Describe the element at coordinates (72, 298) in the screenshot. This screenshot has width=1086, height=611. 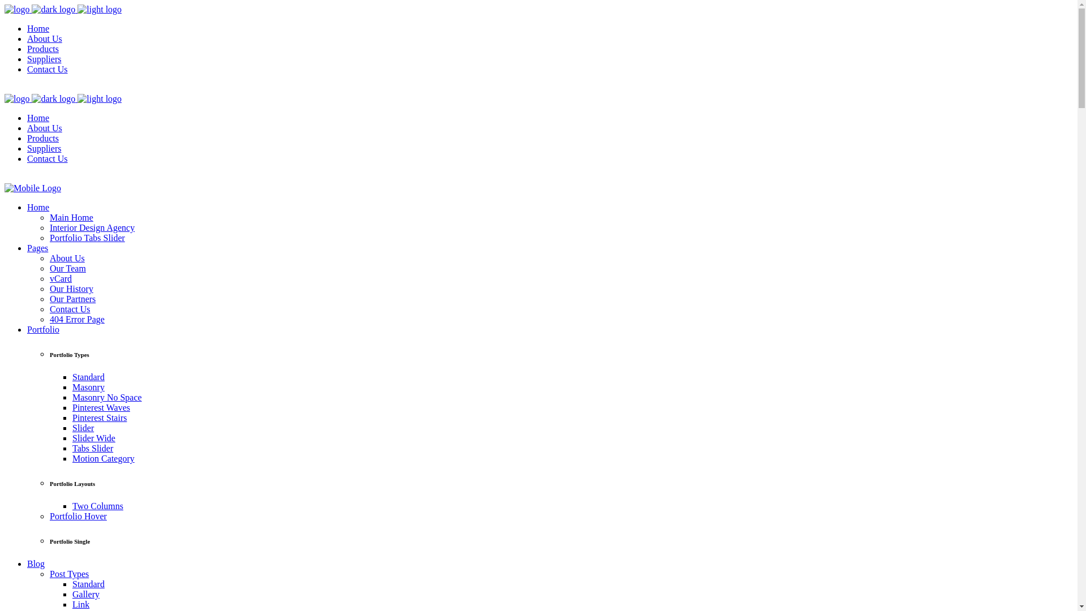
I see `'Our Partners'` at that location.